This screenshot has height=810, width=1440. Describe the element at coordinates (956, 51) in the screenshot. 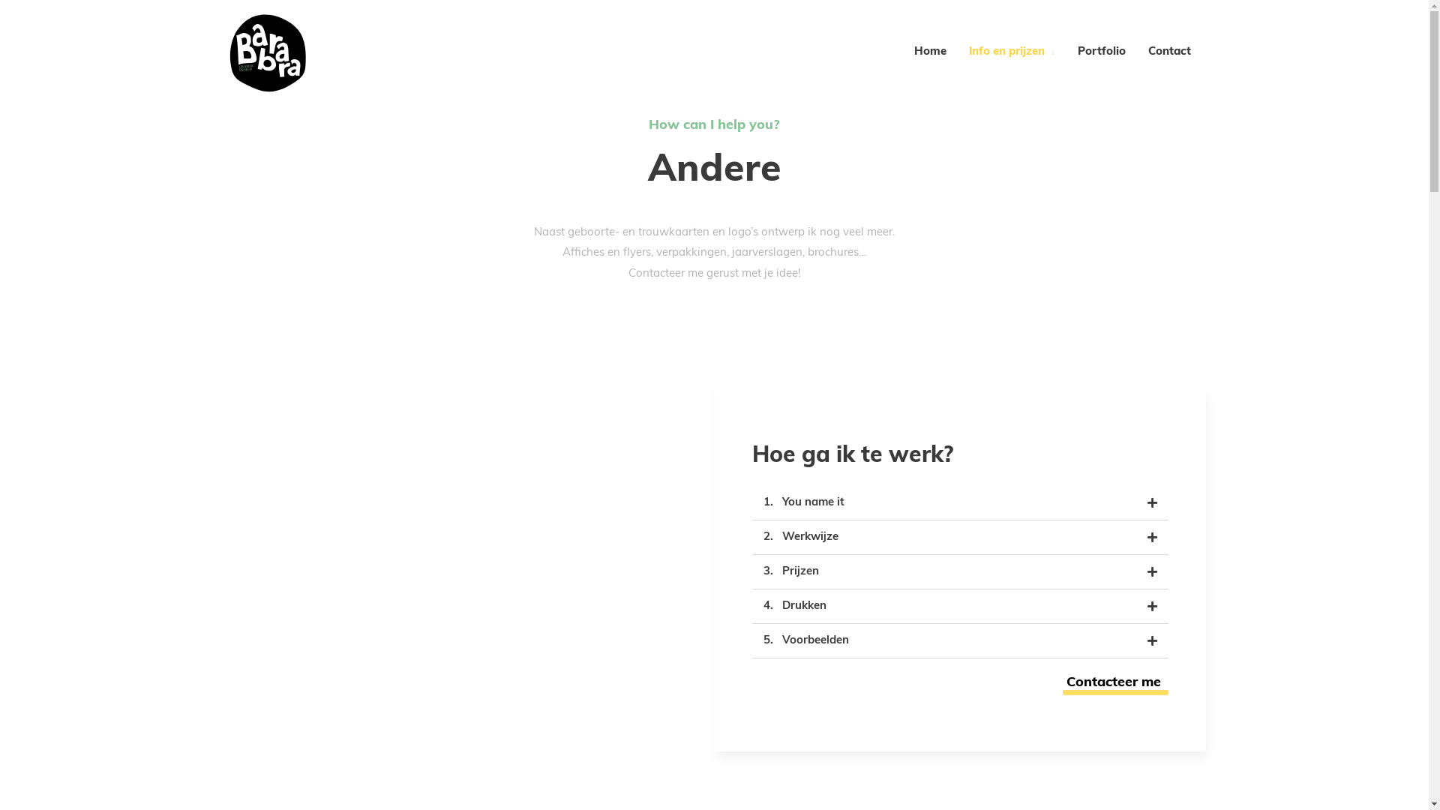

I see `'Info en prijzen'` at that location.